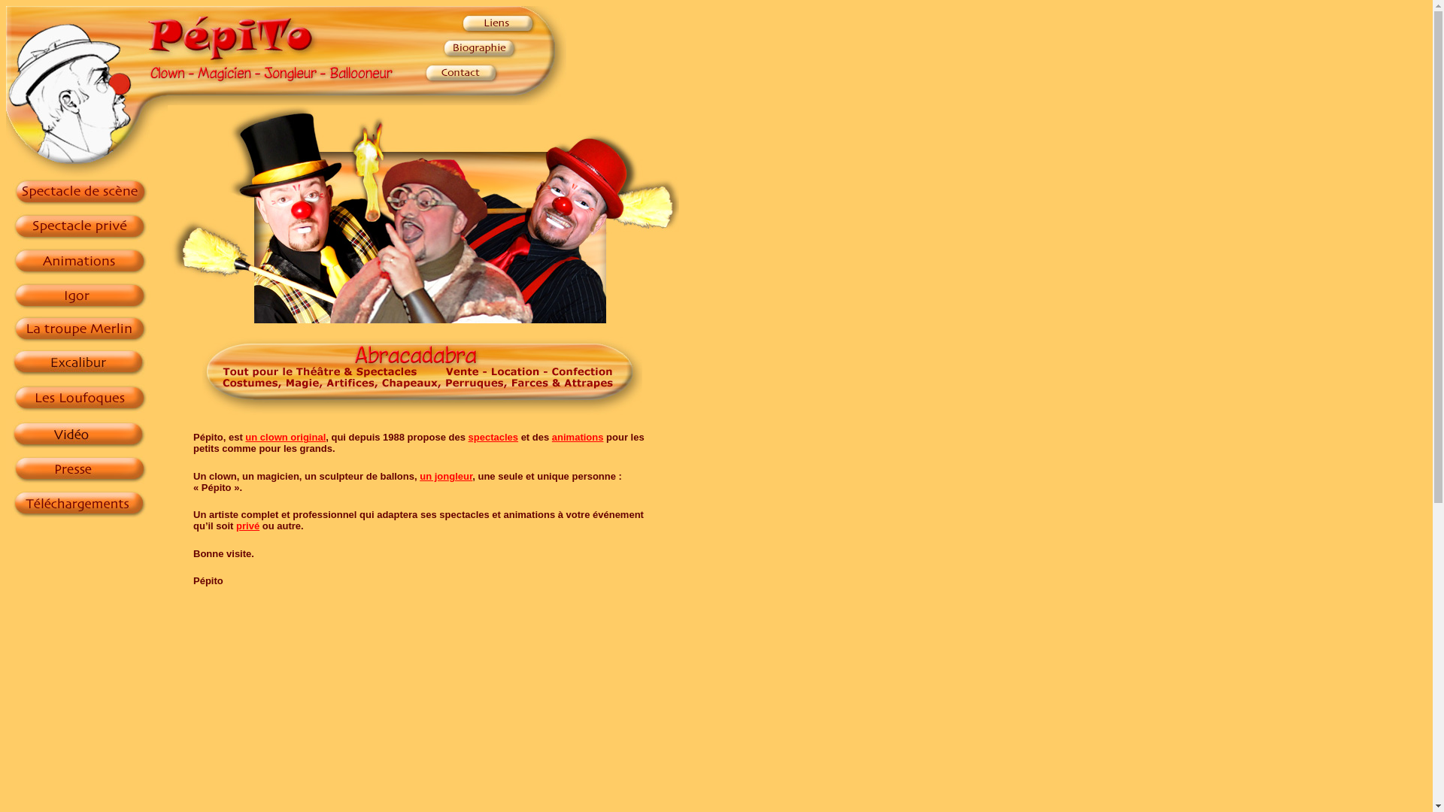 The height and width of the screenshot is (812, 1444). I want to click on 'un jongleur', so click(445, 476).